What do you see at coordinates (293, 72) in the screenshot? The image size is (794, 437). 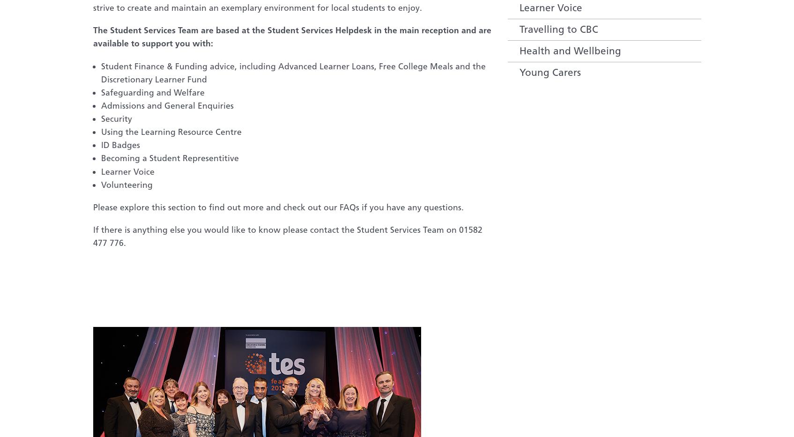 I see `'Student Finance & Funding advice, including Advanced Learner Loans, Free College Meals and the Discretionary Learner Fund'` at bounding box center [293, 72].